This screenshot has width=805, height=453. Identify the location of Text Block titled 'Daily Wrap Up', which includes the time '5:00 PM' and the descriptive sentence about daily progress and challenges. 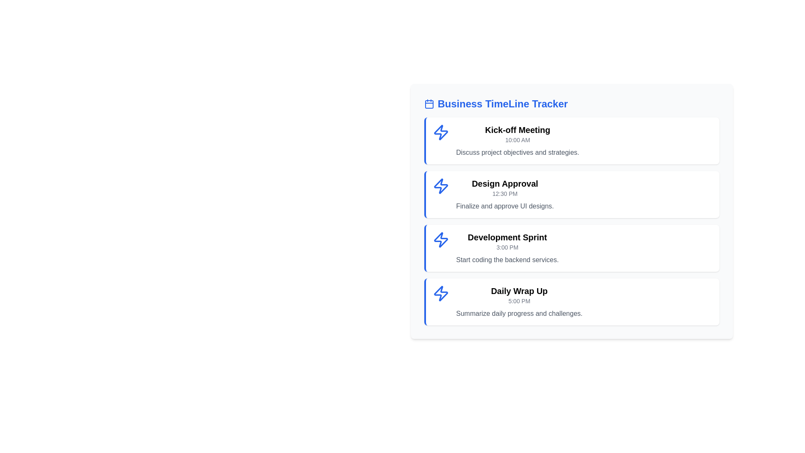
(519, 302).